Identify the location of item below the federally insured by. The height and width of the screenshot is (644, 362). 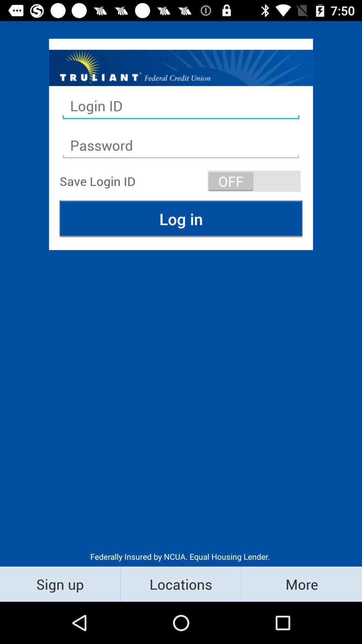
(180, 584).